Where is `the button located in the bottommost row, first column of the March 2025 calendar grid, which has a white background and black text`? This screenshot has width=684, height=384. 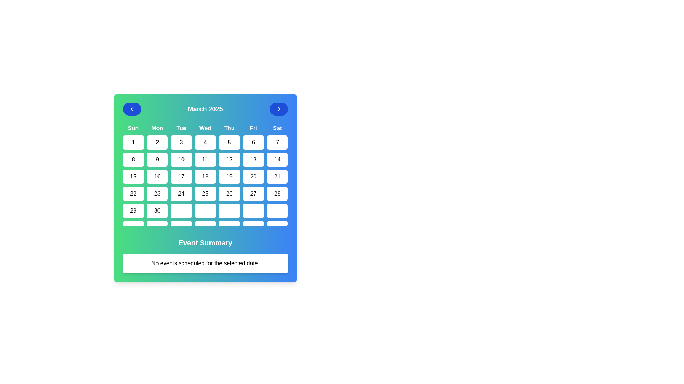 the button located in the bottommost row, first column of the March 2025 calendar grid, which has a white background and black text is located at coordinates (133, 223).